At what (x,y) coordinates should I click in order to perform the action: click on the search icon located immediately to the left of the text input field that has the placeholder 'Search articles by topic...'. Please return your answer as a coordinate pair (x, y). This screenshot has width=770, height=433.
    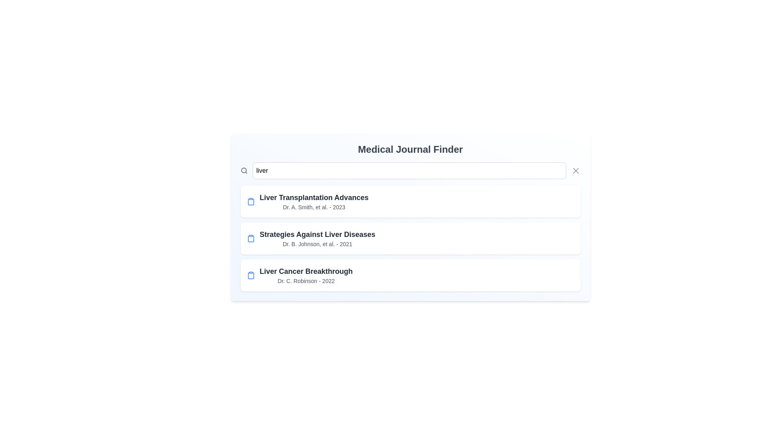
    Looking at the image, I should click on (243, 170).